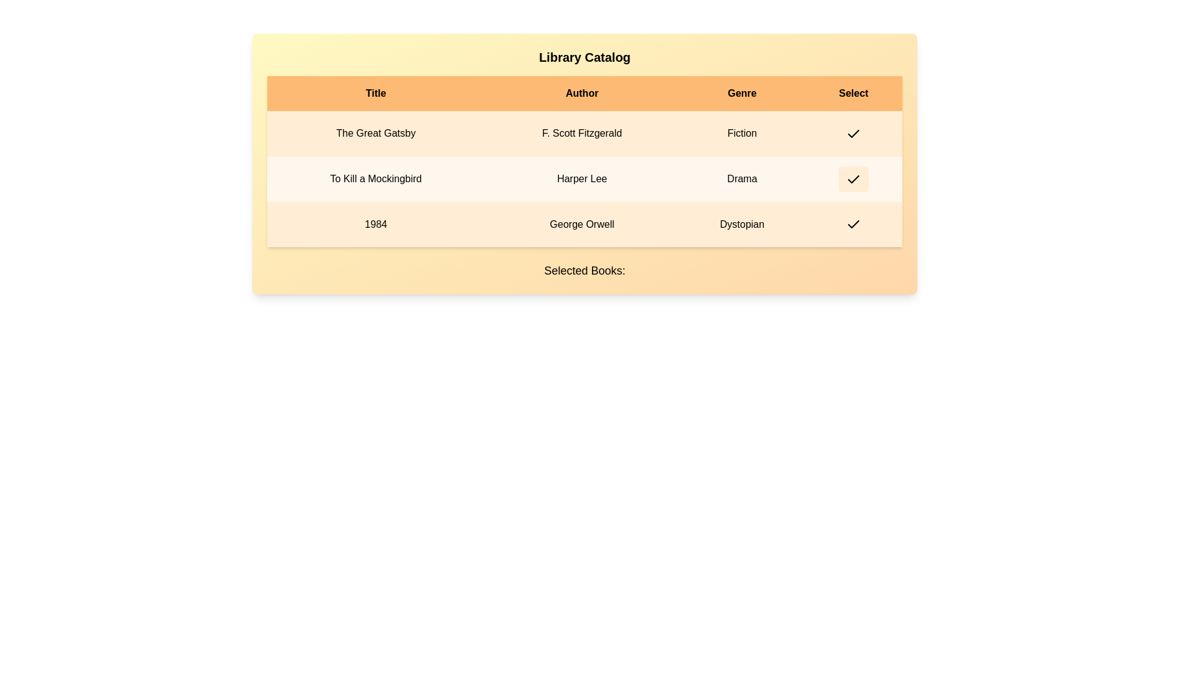 The height and width of the screenshot is (674, 1199). What do you see at coordinates (853, 179) in the screenshot?
I see `the checkmark icon in the 'Select' column of the second row of the table for the book 'To Kill a Mockingbird'` at bounding box center [853, 179].